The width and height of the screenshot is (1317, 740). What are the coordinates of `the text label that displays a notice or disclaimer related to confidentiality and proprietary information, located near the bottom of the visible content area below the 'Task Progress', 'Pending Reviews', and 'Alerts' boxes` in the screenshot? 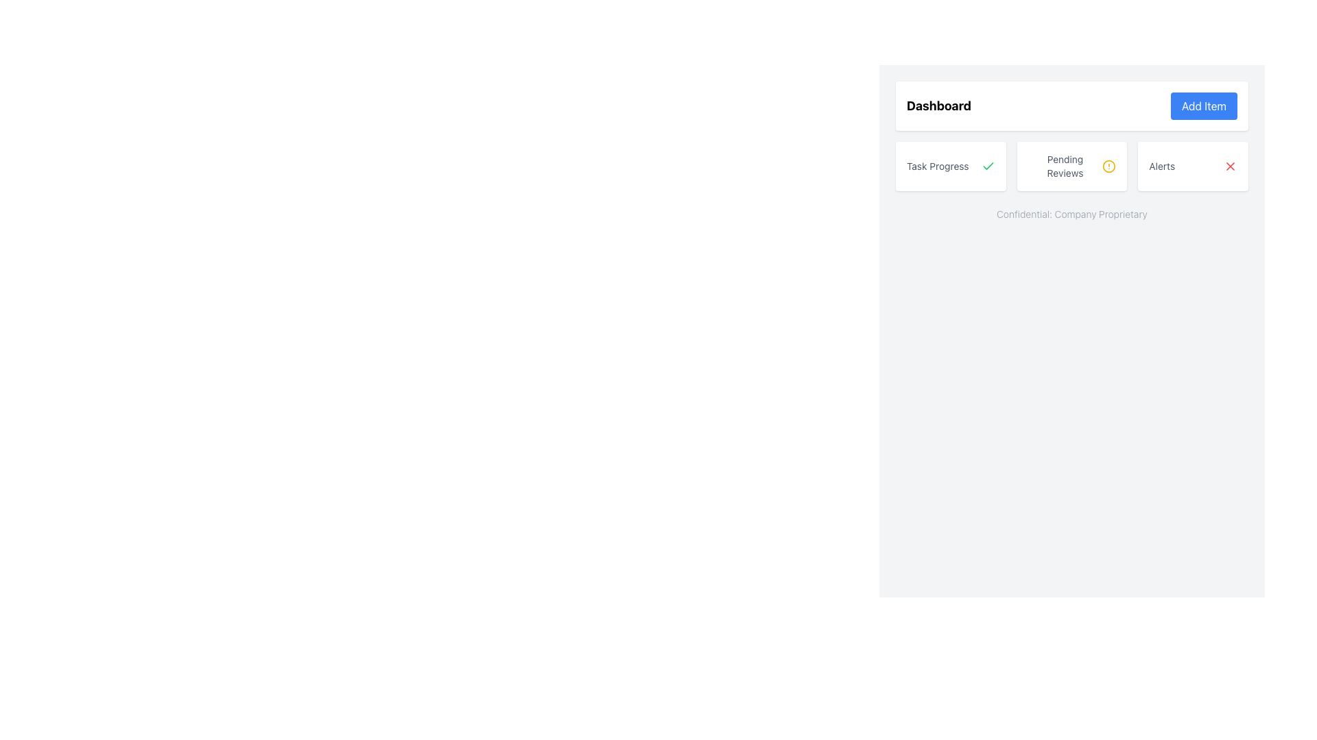 It's located at (1071, 214).